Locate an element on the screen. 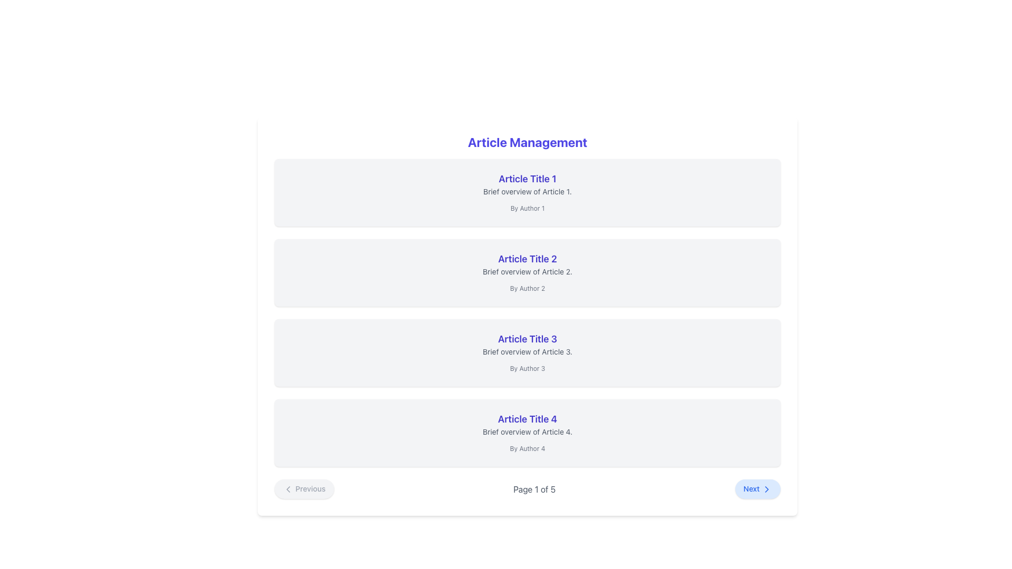 The width and height of the screenshot is (1012, 569). the chevron icon located on the left end of the 'Previous' button is located at coordinates (288, 489).